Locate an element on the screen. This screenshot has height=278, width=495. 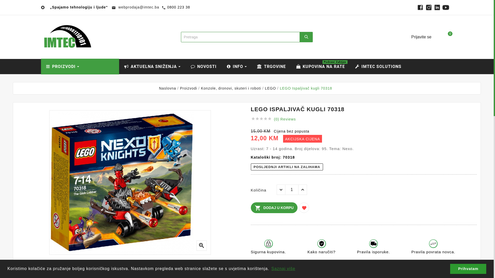
'TRGOVINE' is located at coordinates (271, 66).